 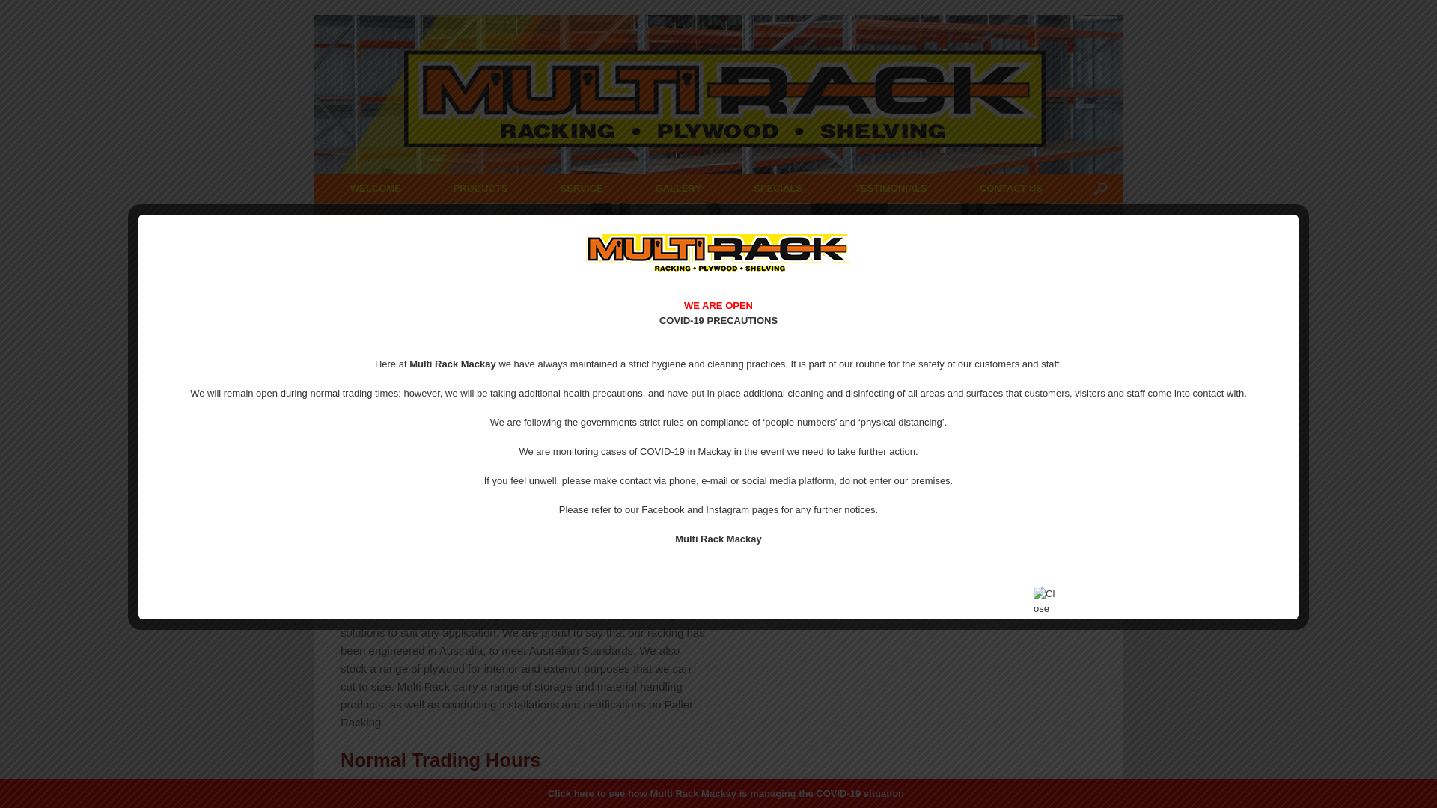 I want to click on 'CONTACT US', so click(x=1010, y=187).